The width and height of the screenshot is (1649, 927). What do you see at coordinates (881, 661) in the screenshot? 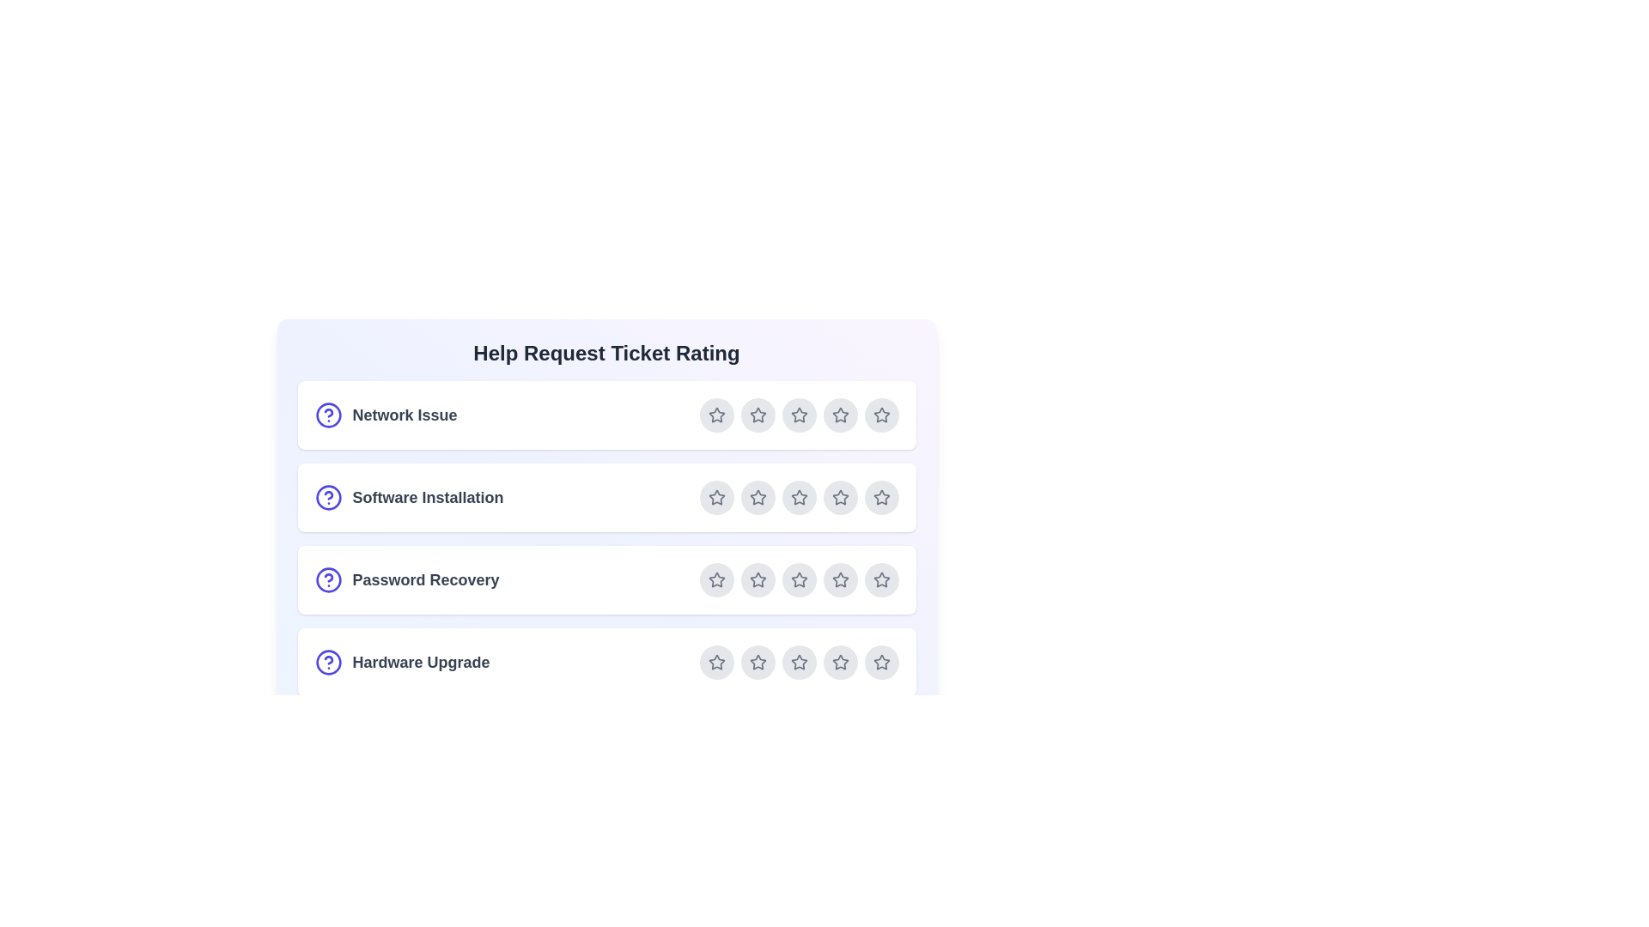
I see `the star corresponding to 5 for the ticket Hardware Upgrade` at bounding box center [881, 661].